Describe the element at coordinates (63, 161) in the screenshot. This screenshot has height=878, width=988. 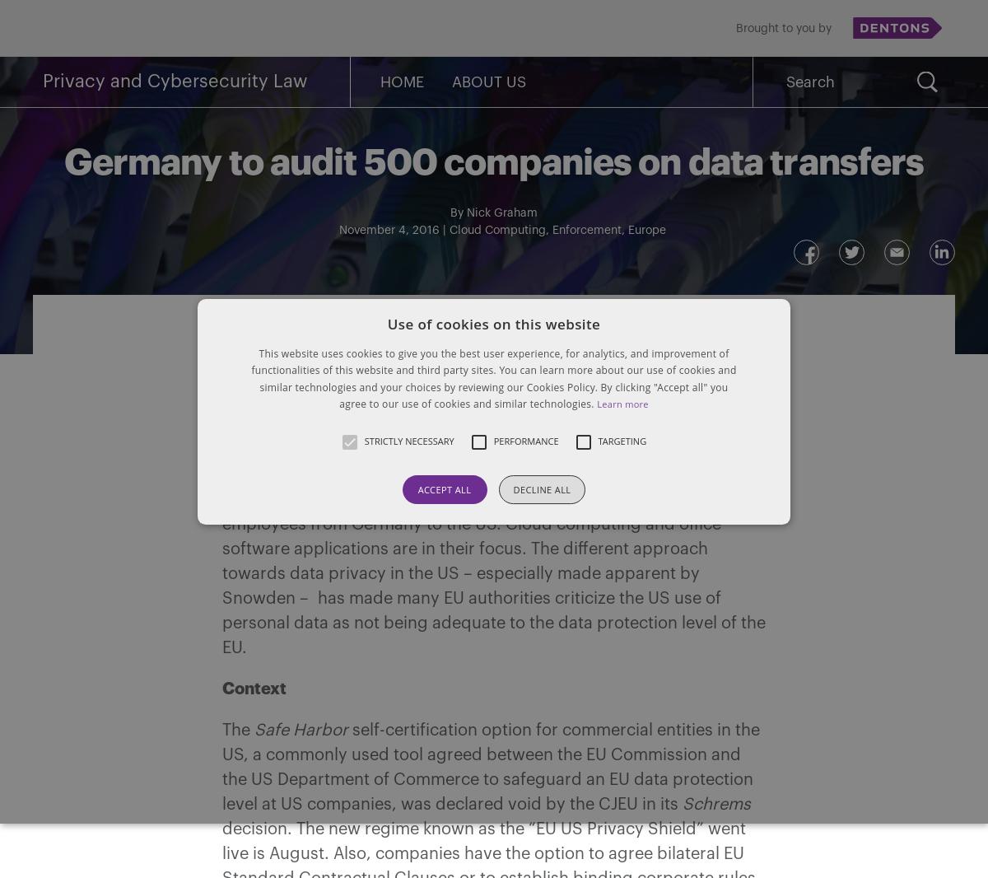
I see `'Germany to audit 500 companies on data transfers'` at that location.